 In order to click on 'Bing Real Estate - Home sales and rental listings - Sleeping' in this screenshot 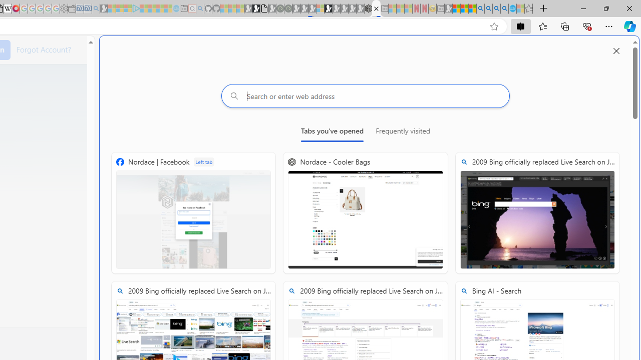, I will do `click(96, 8)`.